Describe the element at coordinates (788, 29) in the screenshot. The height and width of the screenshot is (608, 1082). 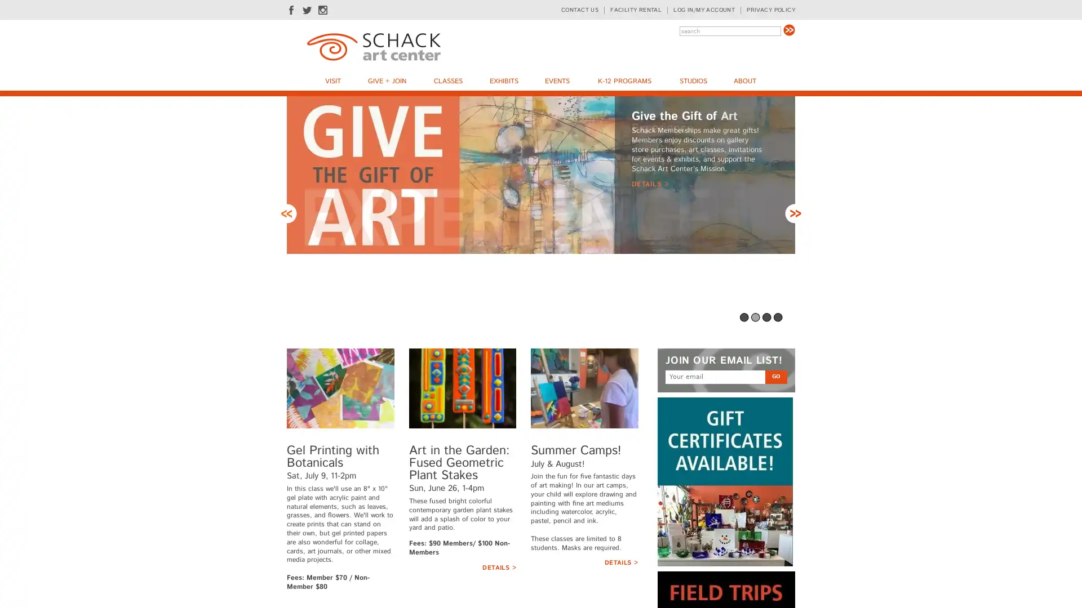
I see `Go` at that location.